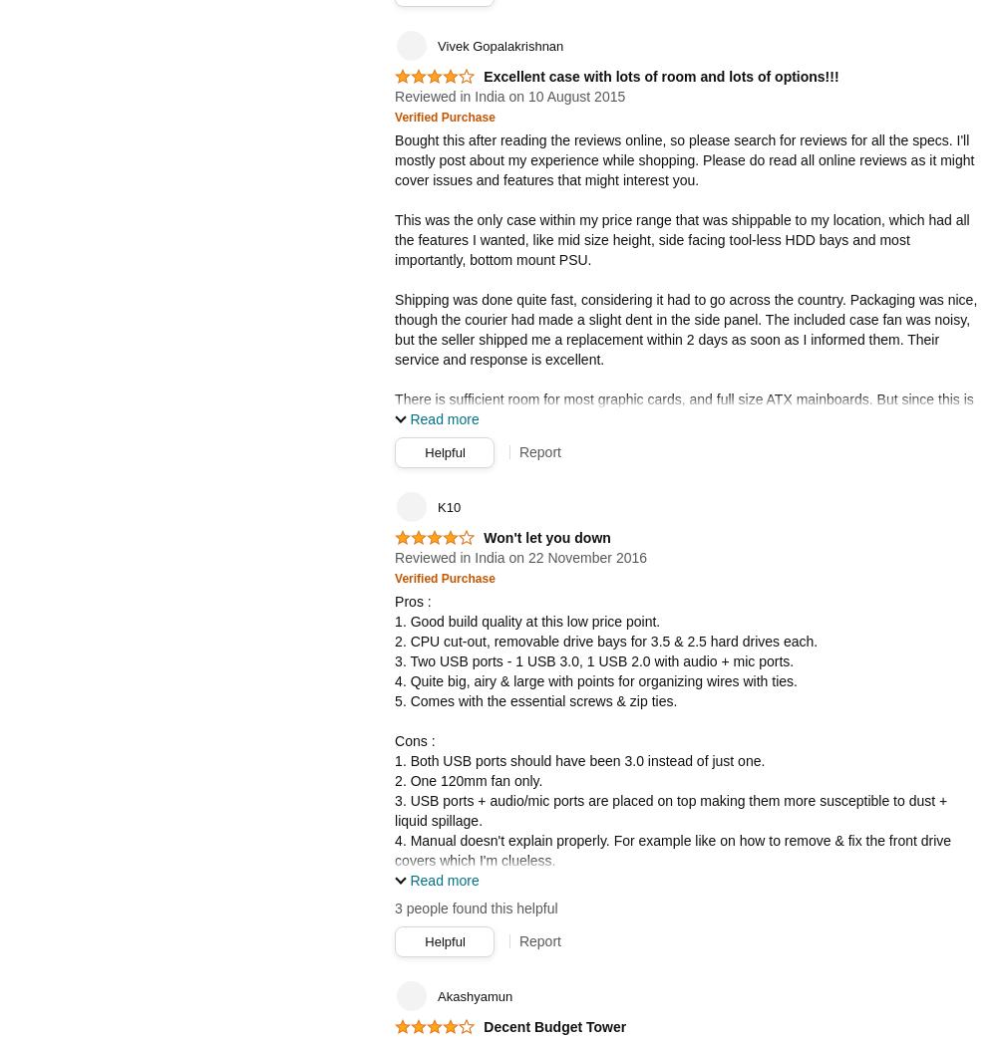 This screenshot has width=997, height=1040. What do you see at coordinates (535, 699) in the screenshot?
I see `'5. Comes with the essential screws & zip ties.'` at bounding box center [535, 699].